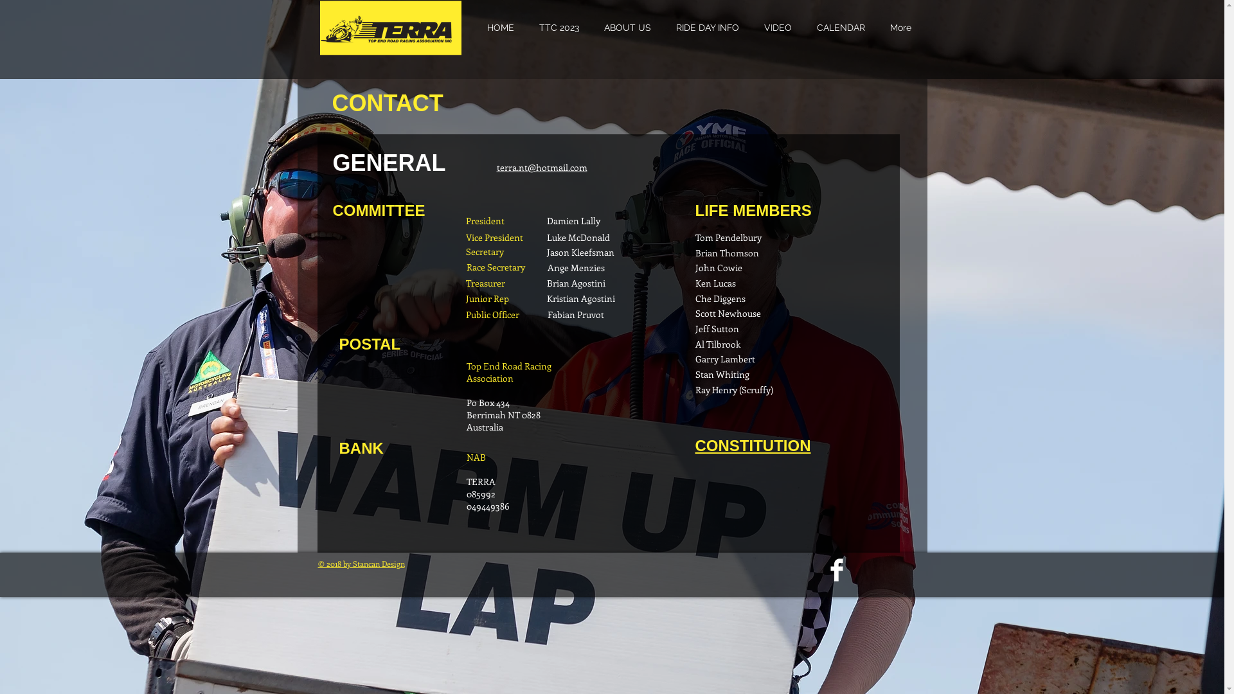 The image size is (1234, 694). I want to click on 'VIDEO', so click(777, 28).